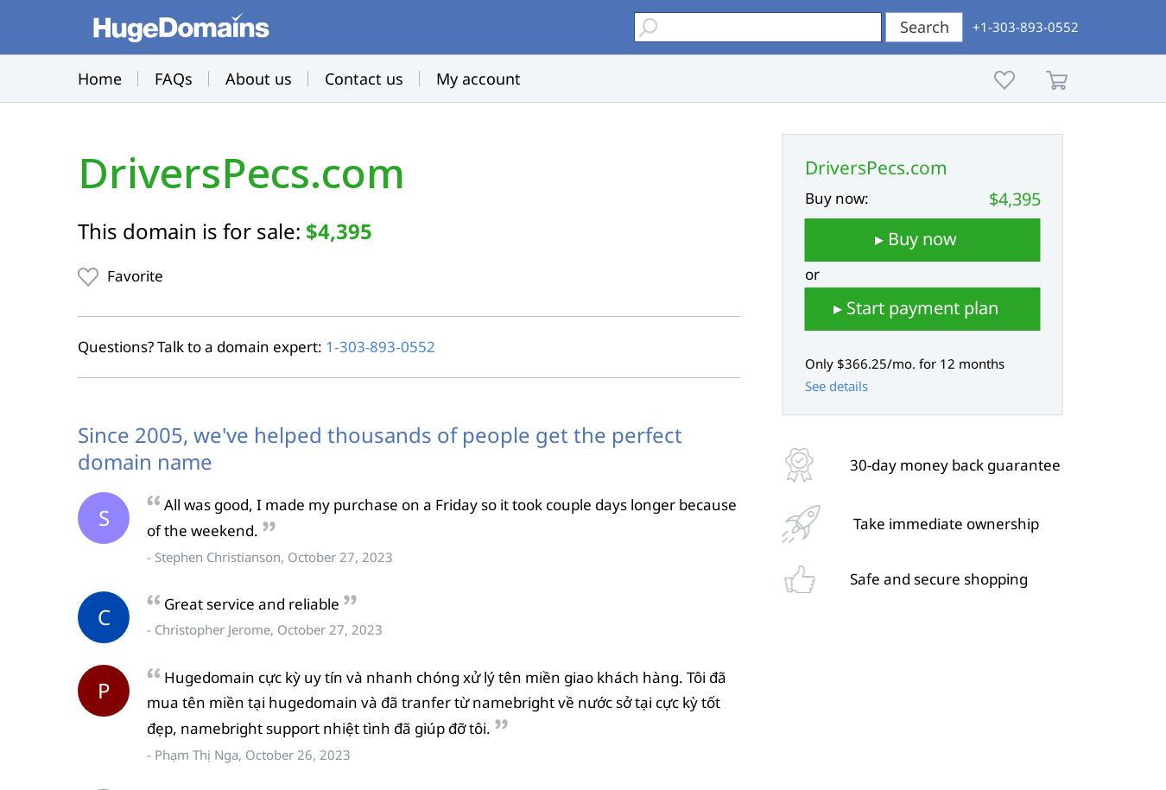  What do you see at coordinates (257, 78) in the screenshot?
I see `'About us'` at bounding box center [257, 78].